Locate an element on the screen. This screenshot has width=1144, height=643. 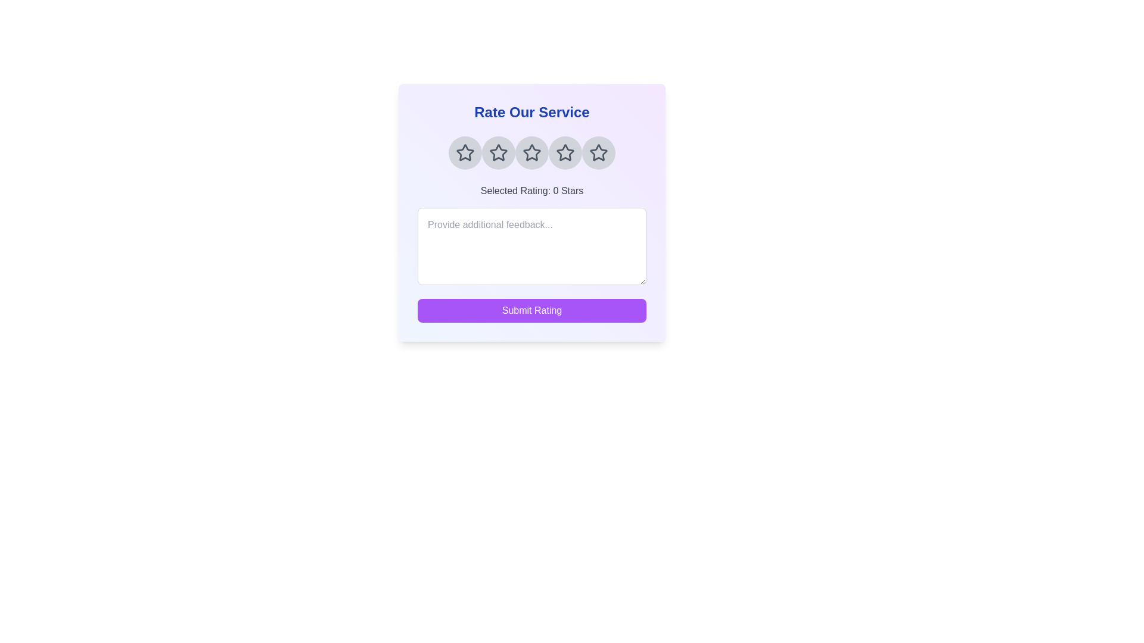
the feedback text area and type the desired feedback text is located at coordinates (531, 245).